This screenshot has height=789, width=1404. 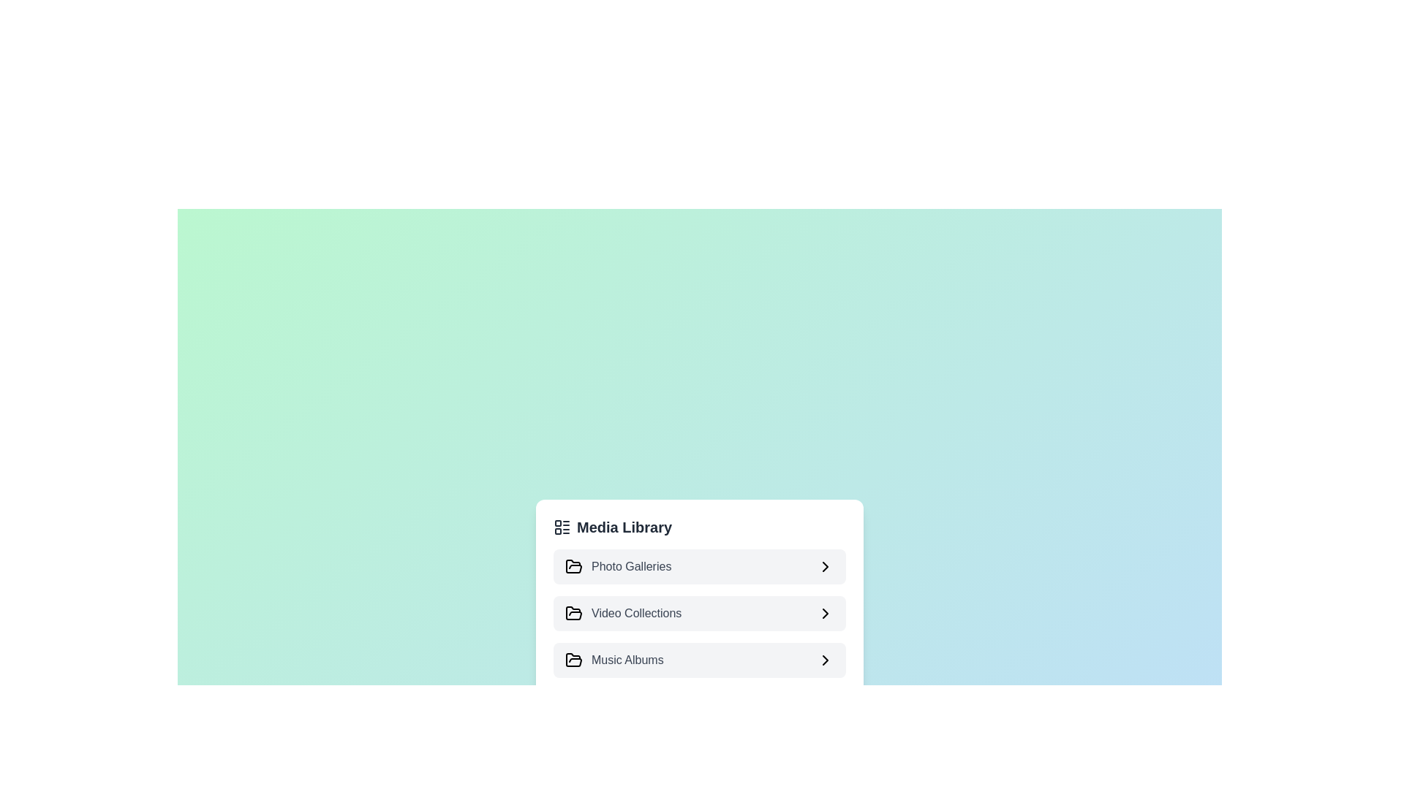 What do you see at coordinates (698, 565) in the screenshot?
I see `the text 'Photo Galleries' to select it` at bounding box center [698, 565].